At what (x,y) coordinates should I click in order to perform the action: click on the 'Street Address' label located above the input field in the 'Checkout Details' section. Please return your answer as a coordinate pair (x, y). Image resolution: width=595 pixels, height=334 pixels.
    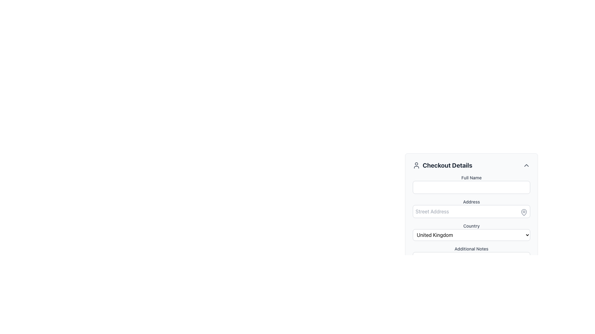
    Looking at the image, I should click on (471, 202).